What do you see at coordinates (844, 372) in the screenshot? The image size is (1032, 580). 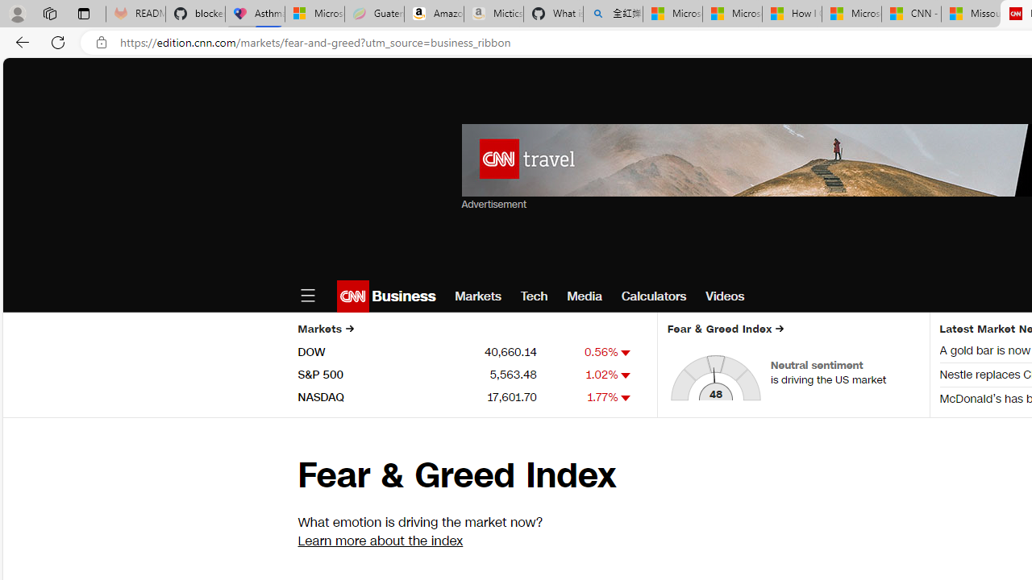 I see `'Neutral sentiment is driving the US market'` at bounding box center [844, 372].